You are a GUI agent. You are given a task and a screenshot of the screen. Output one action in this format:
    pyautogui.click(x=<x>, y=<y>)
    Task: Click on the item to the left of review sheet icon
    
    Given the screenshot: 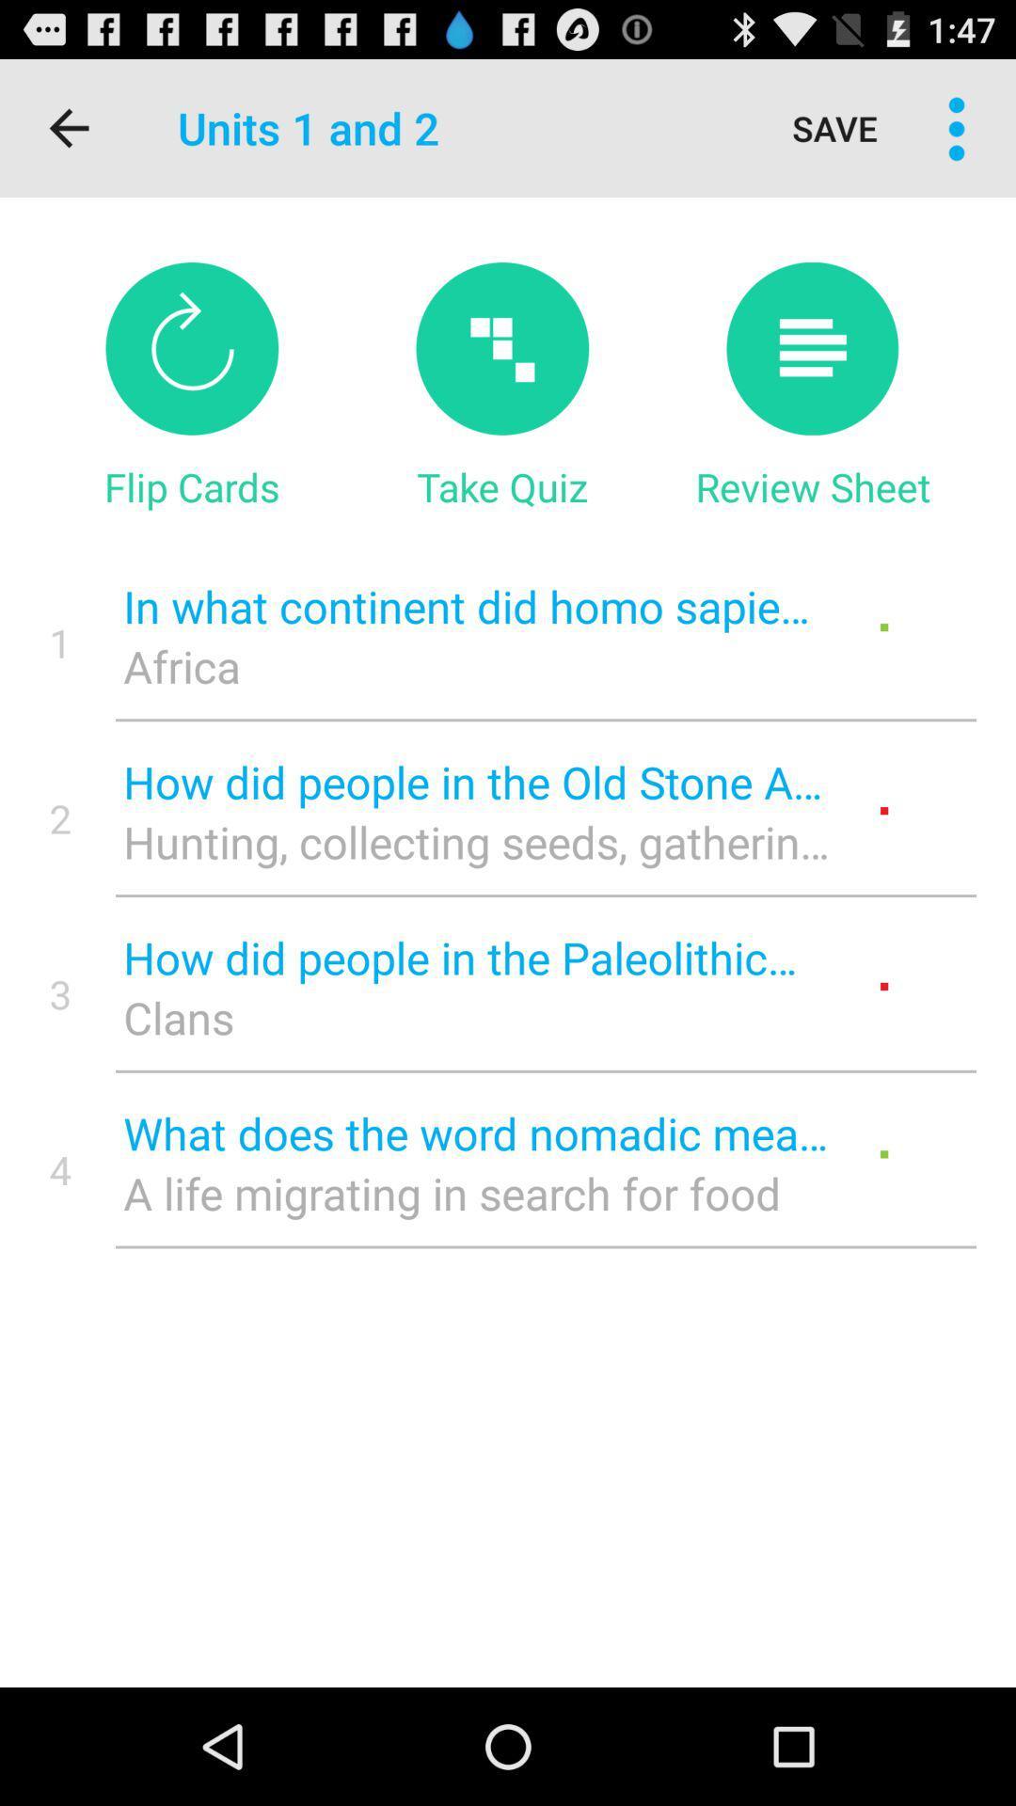 What is the action you would take?
    pyautogui.click(x=501, y=486)
    